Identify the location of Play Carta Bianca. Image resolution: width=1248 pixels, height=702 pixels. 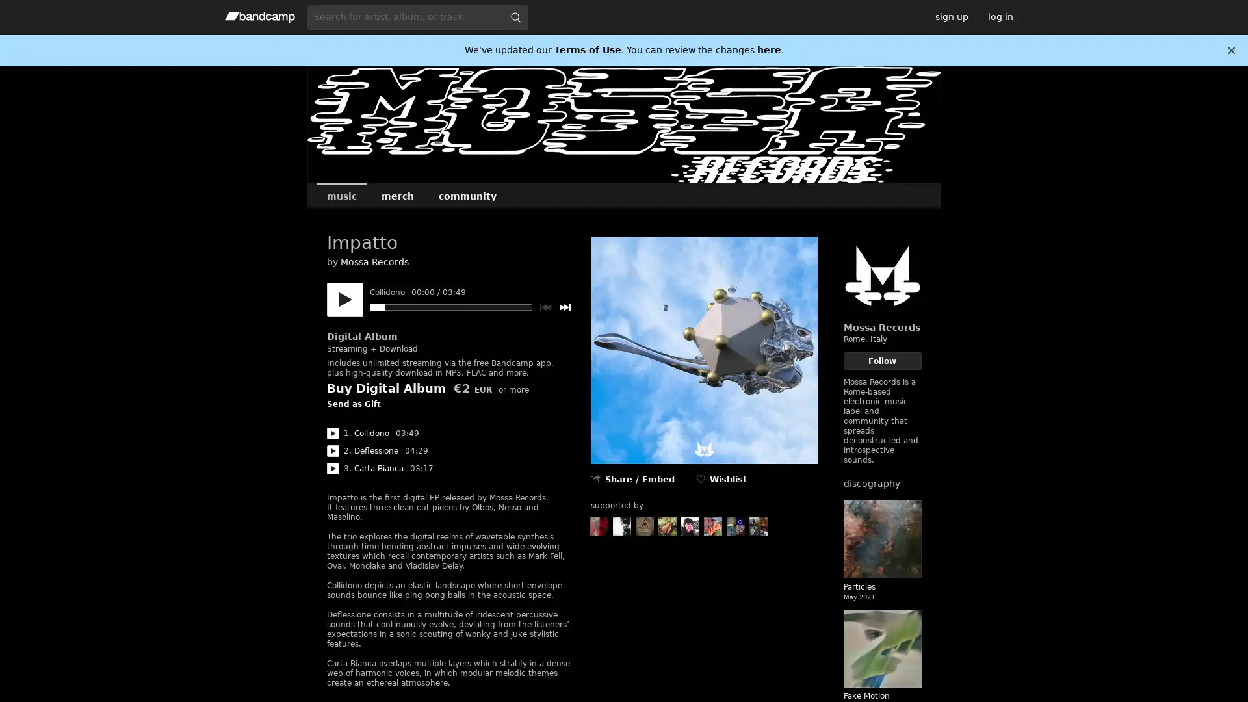
(332, 469).